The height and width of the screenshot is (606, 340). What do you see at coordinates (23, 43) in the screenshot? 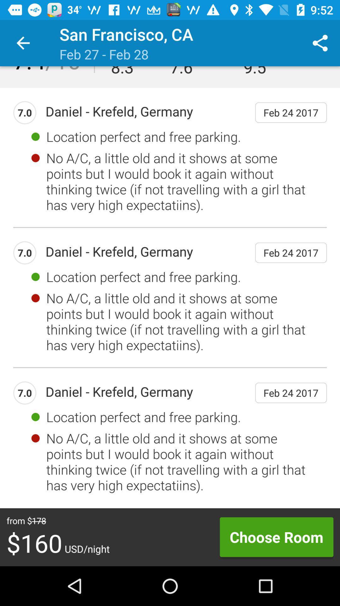
I see `item next to the san francisco, ca icon` at bounding box center [23, 43].